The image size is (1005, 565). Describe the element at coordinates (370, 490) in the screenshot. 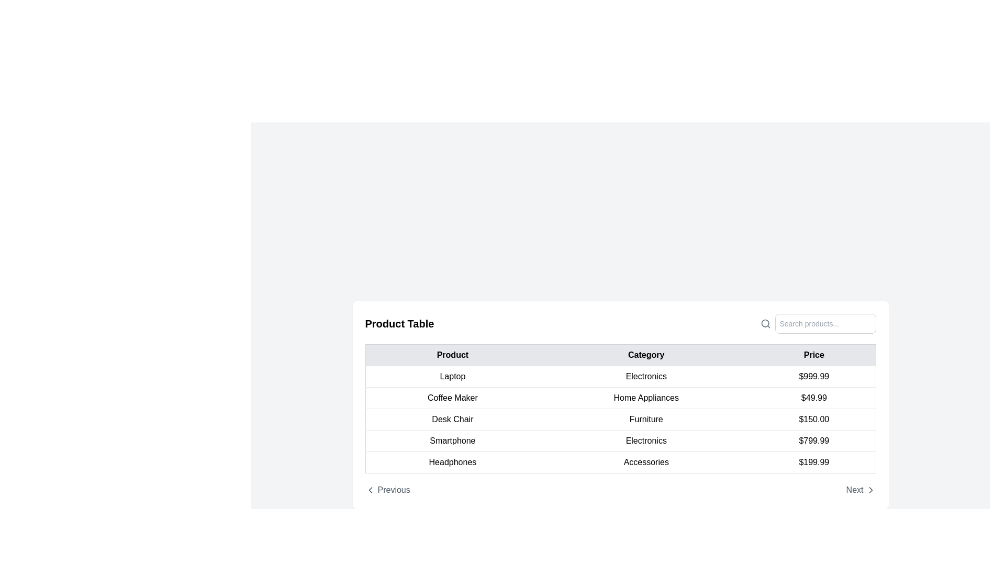

I see `the left-facing chevron icon used for navigation, located near the bottom left corner of the table interface alongside the 'Previous' button` at that location.